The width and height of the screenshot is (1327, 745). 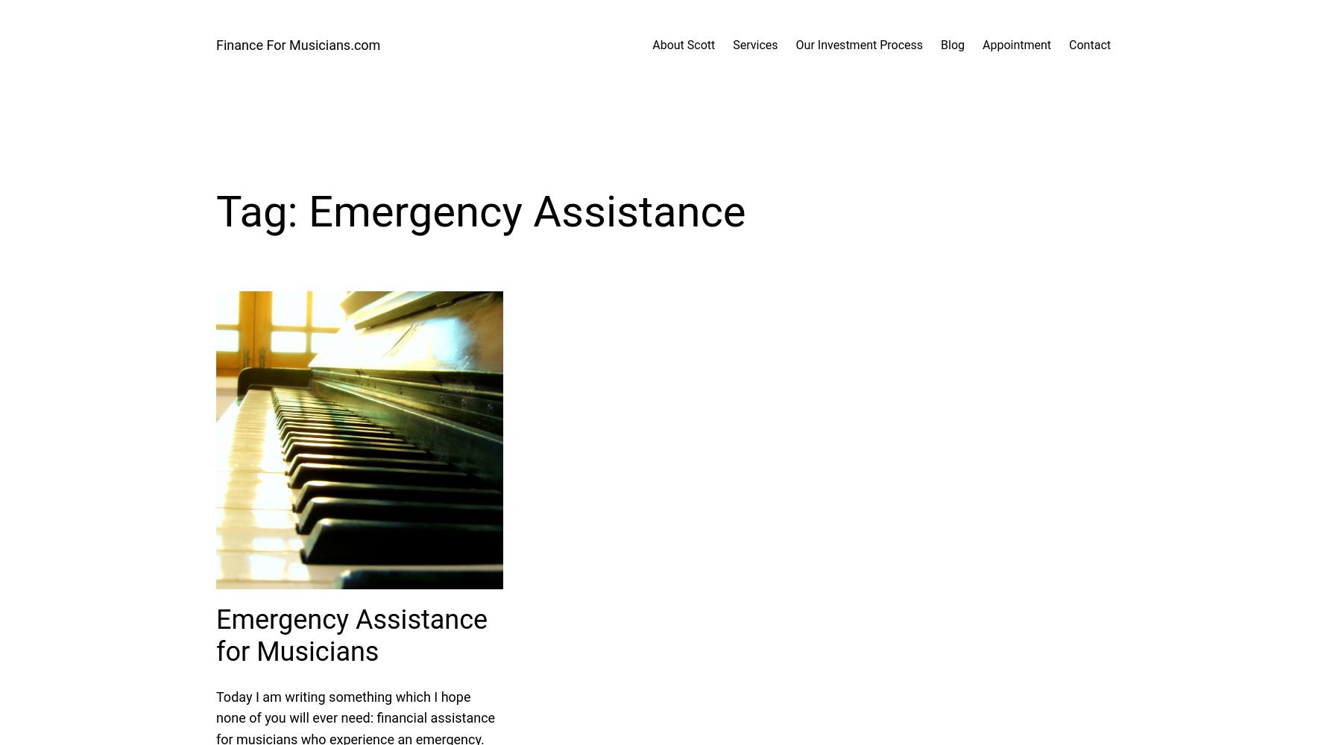 What do you see at coordinates (262, 211) in the screenshot?
I see `'Tag:'` at bounding box center [262, 211].